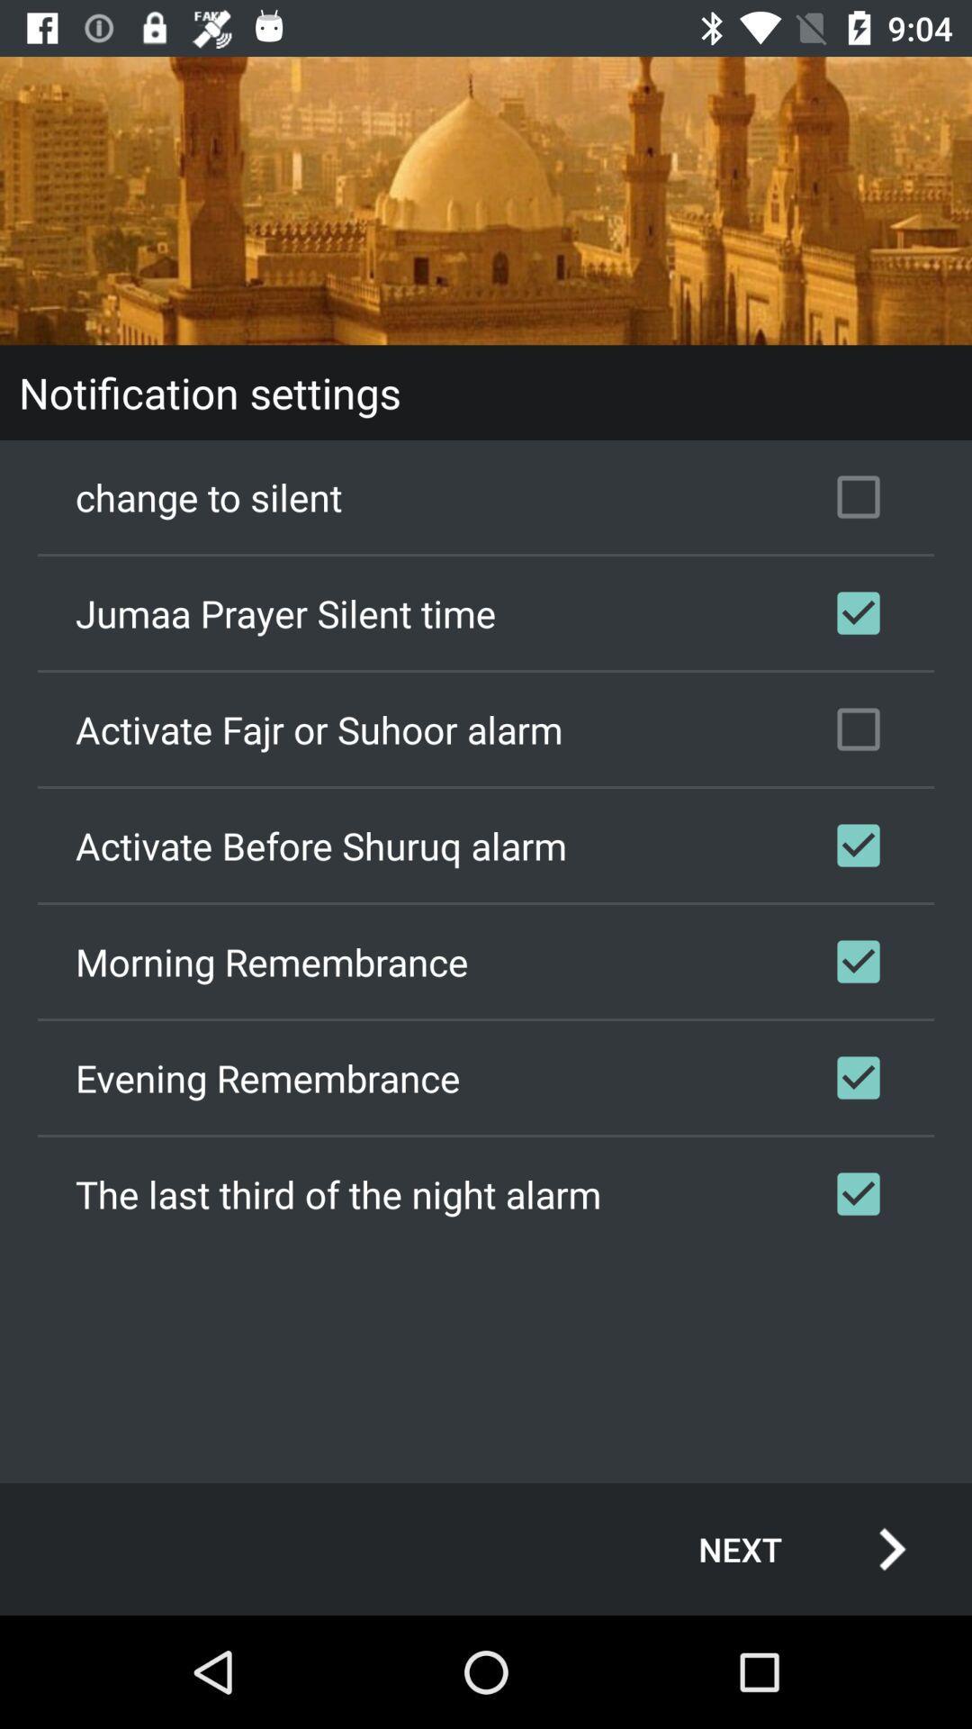 This screenshot has width=972, height=1729. I want to click on jumaa prayer silent checkbox, so click(486, 613).